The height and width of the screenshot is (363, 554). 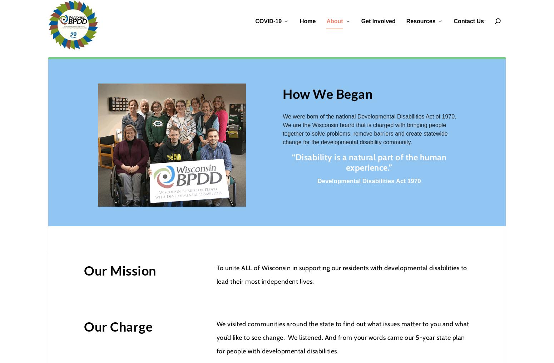 What do you see at coordinates (268, 80) in the screenshot?
I see `'Updates'` at bounding box center [268, 80].